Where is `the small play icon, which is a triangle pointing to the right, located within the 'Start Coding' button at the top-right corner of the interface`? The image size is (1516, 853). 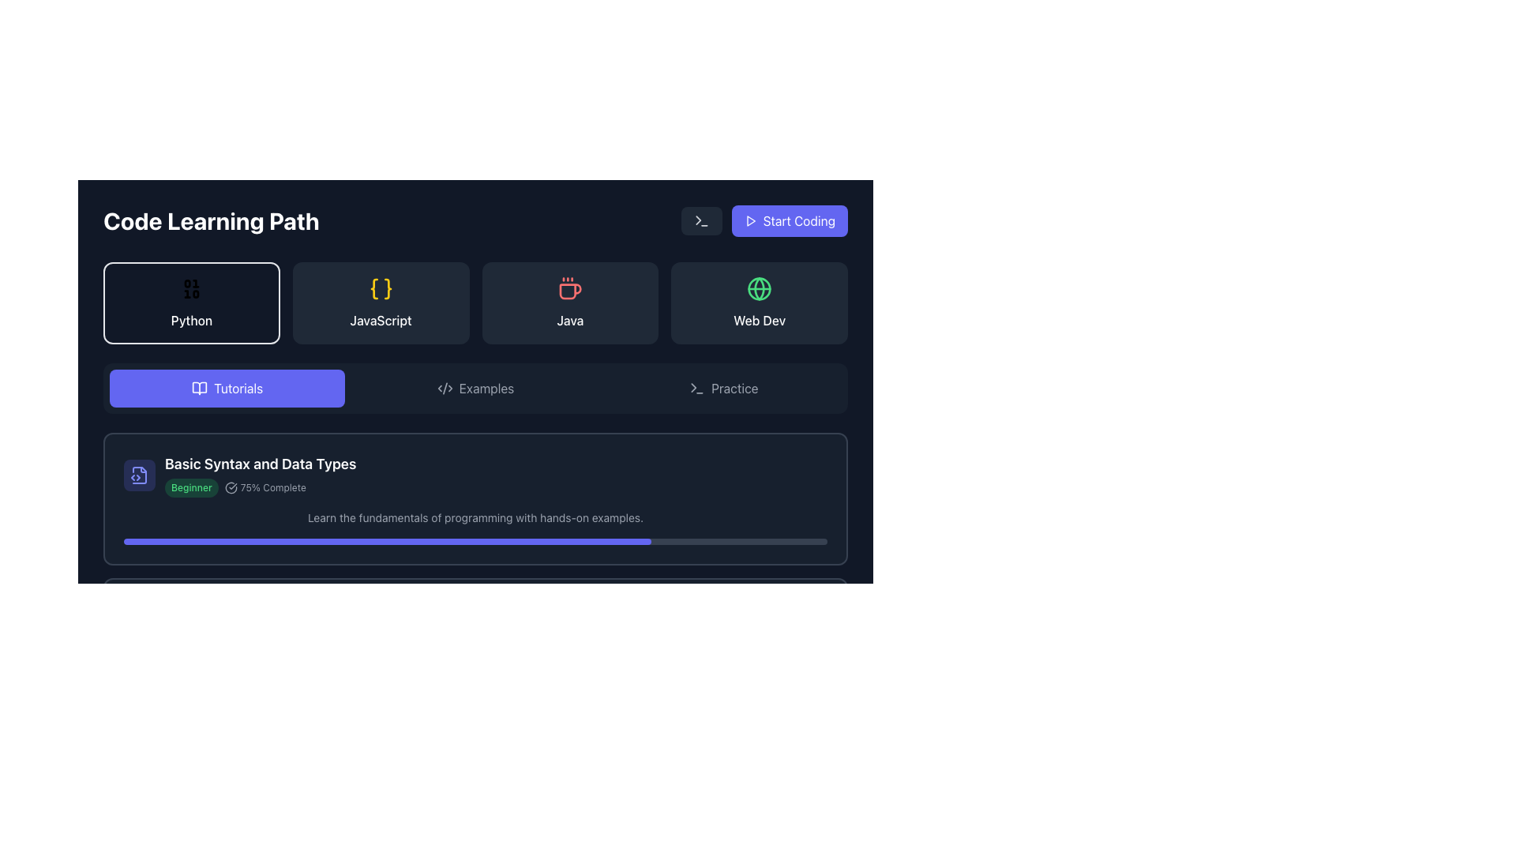
the small play icon, which is a triangle pointing to the right, located within the 'Start Coding' button at the top-right corner of the interface is located at coordinates (749, 221).